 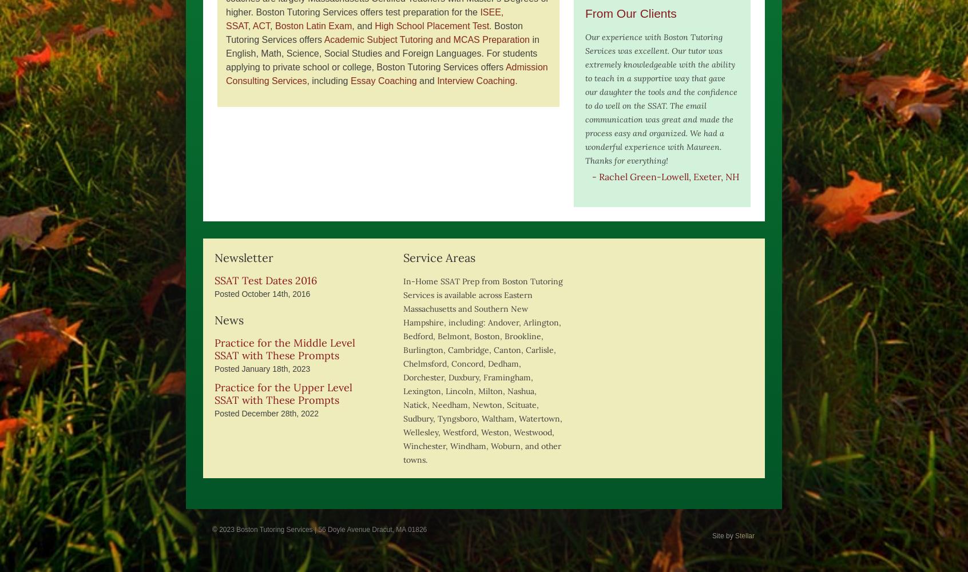 What do you see at coordinates (363, 26) in the screenshot?
I see `', and'` at bounding box center [363, 26].